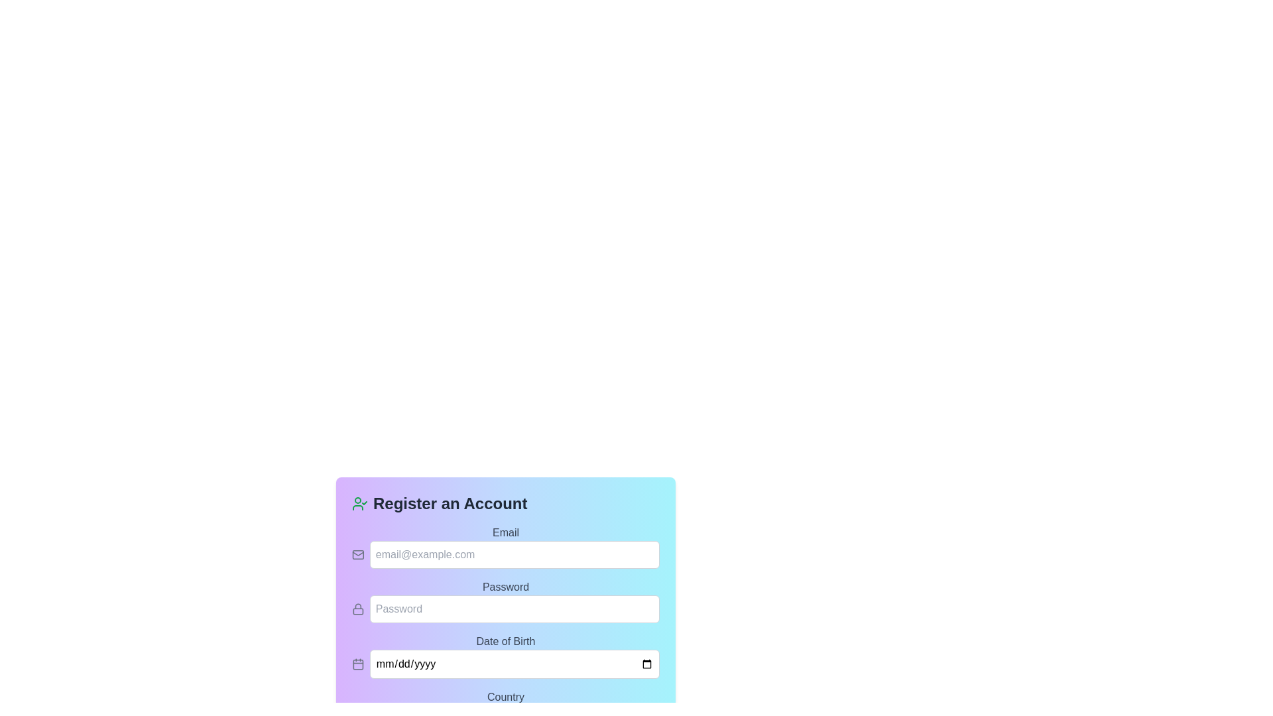  What do you see at coordinates (505, 697) in the screenshot?
I see `the 'Country' text label, which is medium-sized, gray-colored, and located above the dropdown menu labeled 'Select your country' in the registration form interface` at bounding box center [505, 697].